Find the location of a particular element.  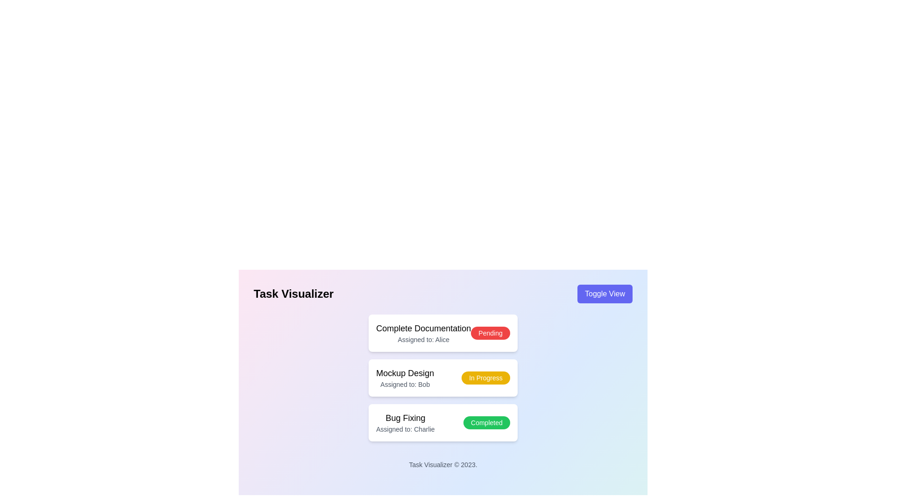

the text label 'Bug Fixing' located at the top of the third task card in the task list interface is located at coordinates (405, 417).